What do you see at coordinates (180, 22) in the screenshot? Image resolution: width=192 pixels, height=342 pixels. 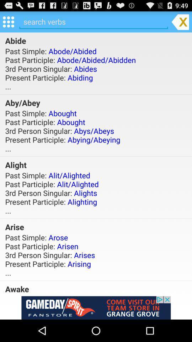 I see `exit the app` at bounding box center [180, 22].